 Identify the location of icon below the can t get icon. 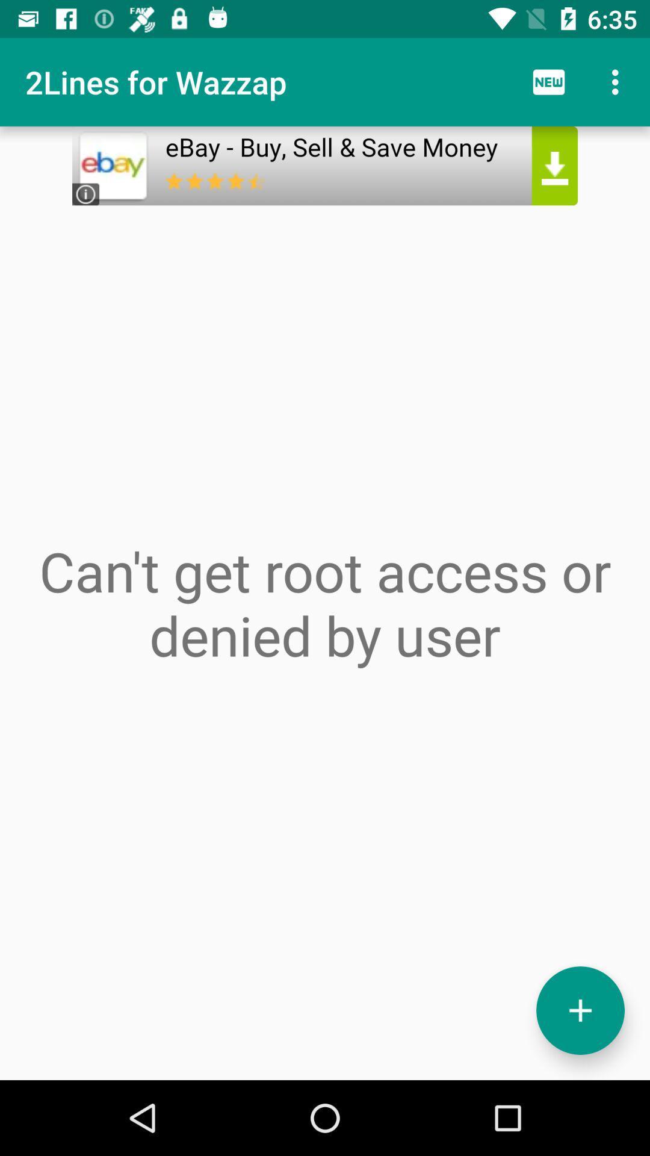
(580, 1010).